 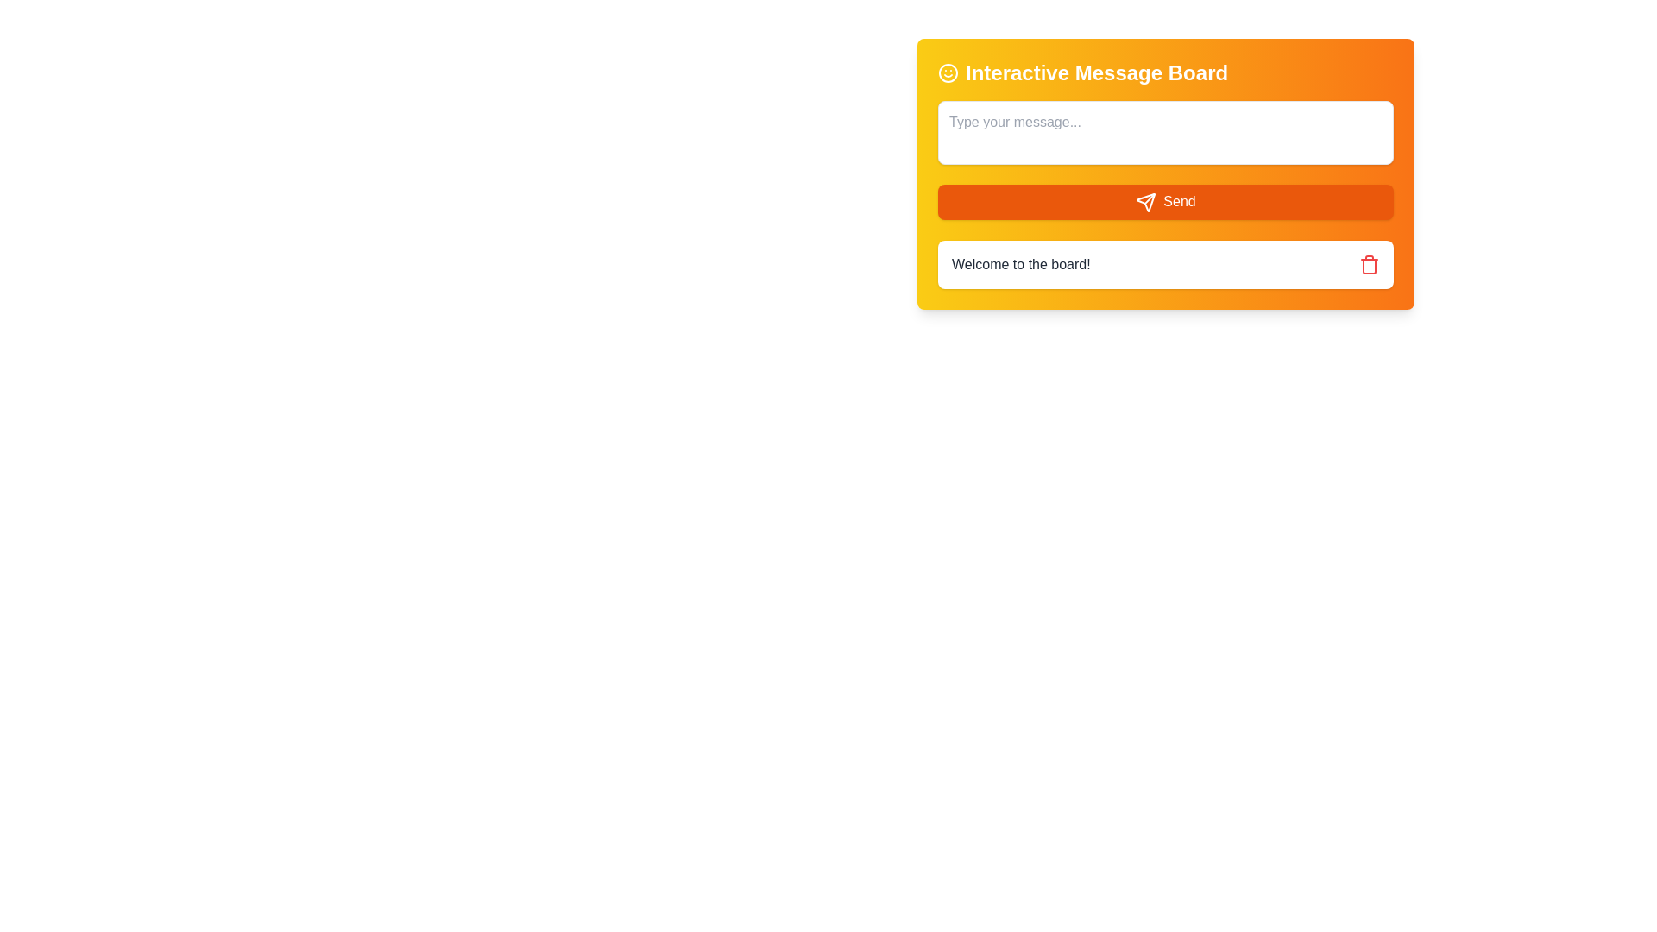 What do you see at coordinates (948, 72) in the screenshot?
I see `the circular smiley icon with a cheerful face that is located to the immediate left of the text 'Interactive Message Board'` at bounding box center [948, 72].